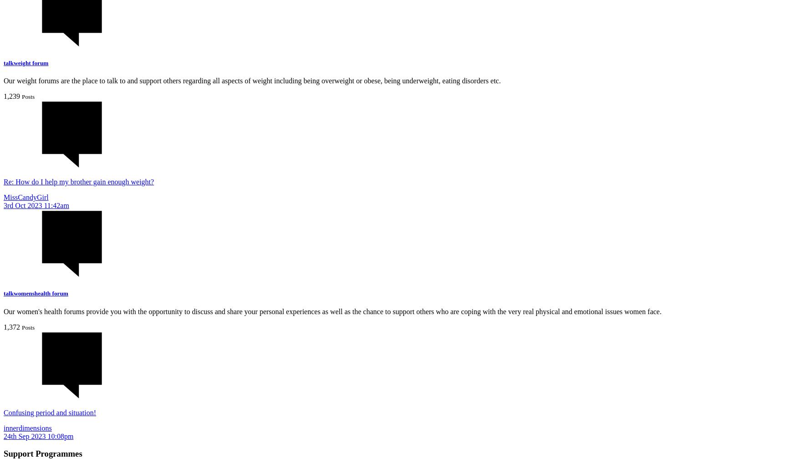 This screenshot has height=463, width=786. I want to click on 'Our weight forums are the place to talk to and support others regarding all aspects of weight including being overweight or obese, being underweight, eating disorders etc.', so click(252, 81).